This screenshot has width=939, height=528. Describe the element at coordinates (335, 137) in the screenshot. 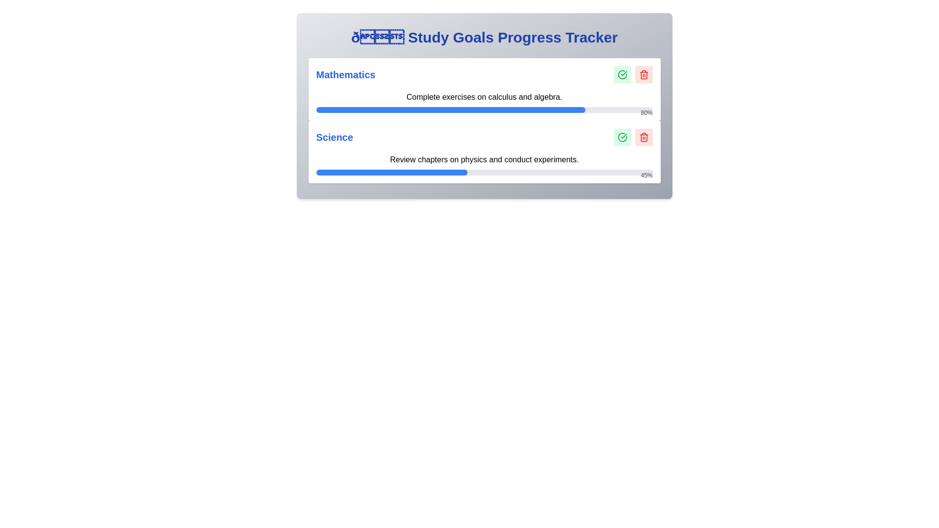

I see `the bold blue text label 'Science' in the study tracker interface, which is positioned in the second row and aligned to the left of associated progress text and icons` at that location.